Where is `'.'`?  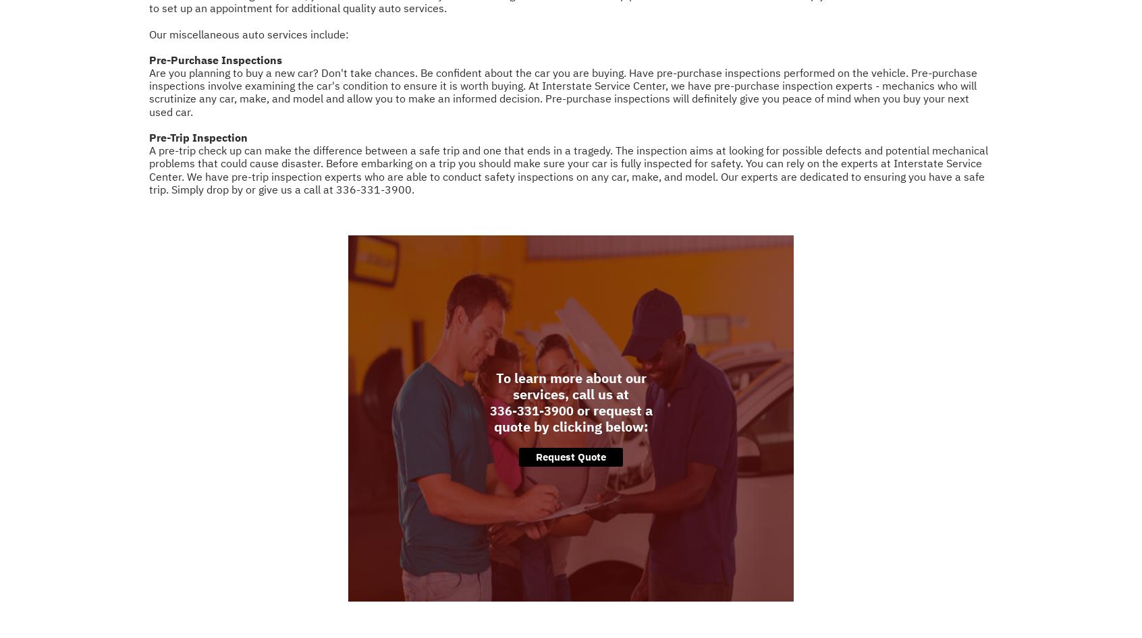 '.' is located at coordinates (412, 188).